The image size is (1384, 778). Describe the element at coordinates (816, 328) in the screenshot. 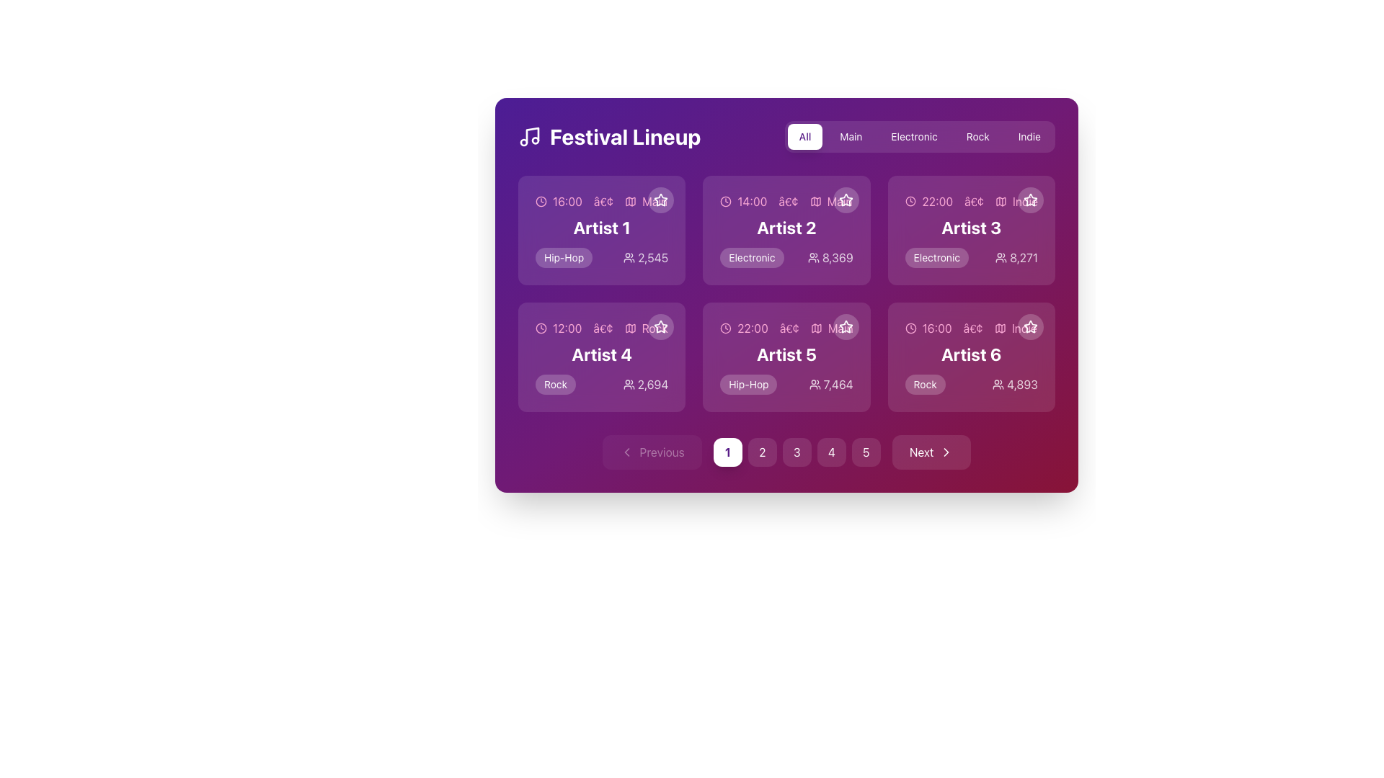

I see `the small map icon located between the time '22:00' and the word 'main' in the 'Artist 5' card` at that location.